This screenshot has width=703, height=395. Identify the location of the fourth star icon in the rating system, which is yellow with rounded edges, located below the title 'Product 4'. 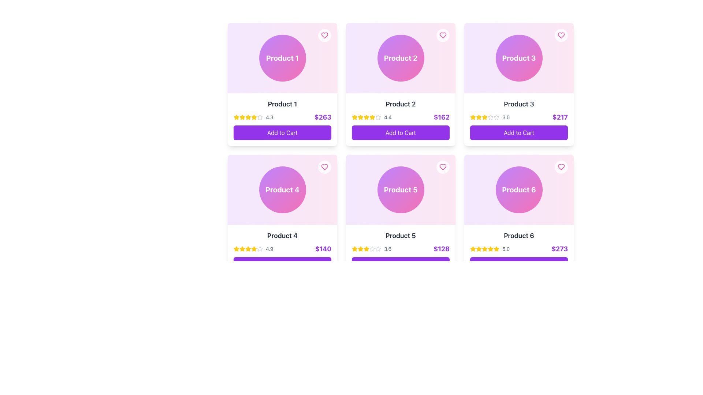
(248, 249).